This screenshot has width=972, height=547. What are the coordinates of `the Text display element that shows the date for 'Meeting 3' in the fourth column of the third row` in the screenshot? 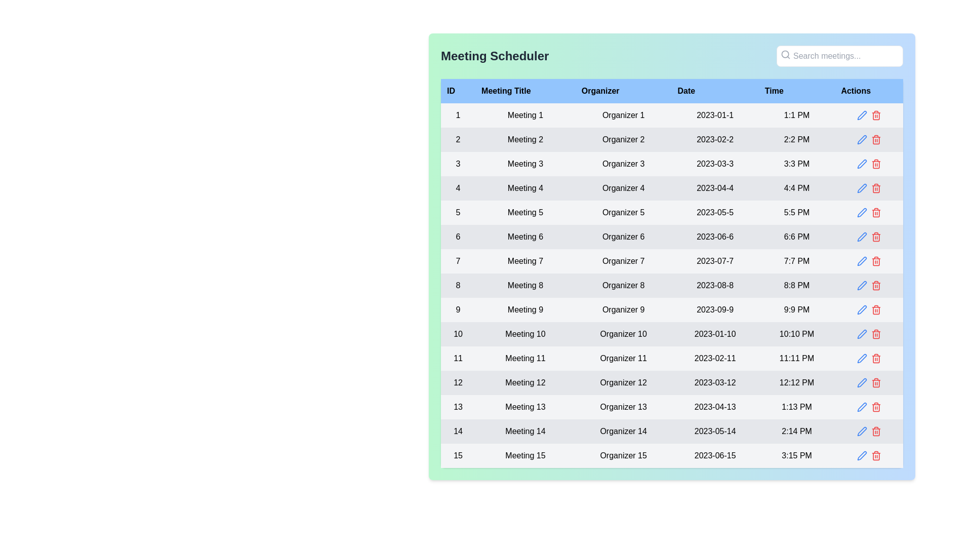 It's located at (714, 164).